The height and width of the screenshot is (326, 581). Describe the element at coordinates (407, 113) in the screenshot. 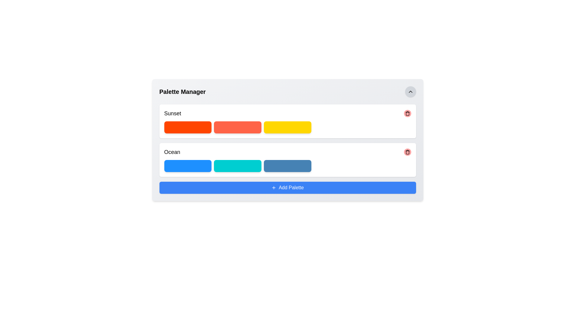

I see `the delete button located on the right side of the 'Sunset' row` at that location.